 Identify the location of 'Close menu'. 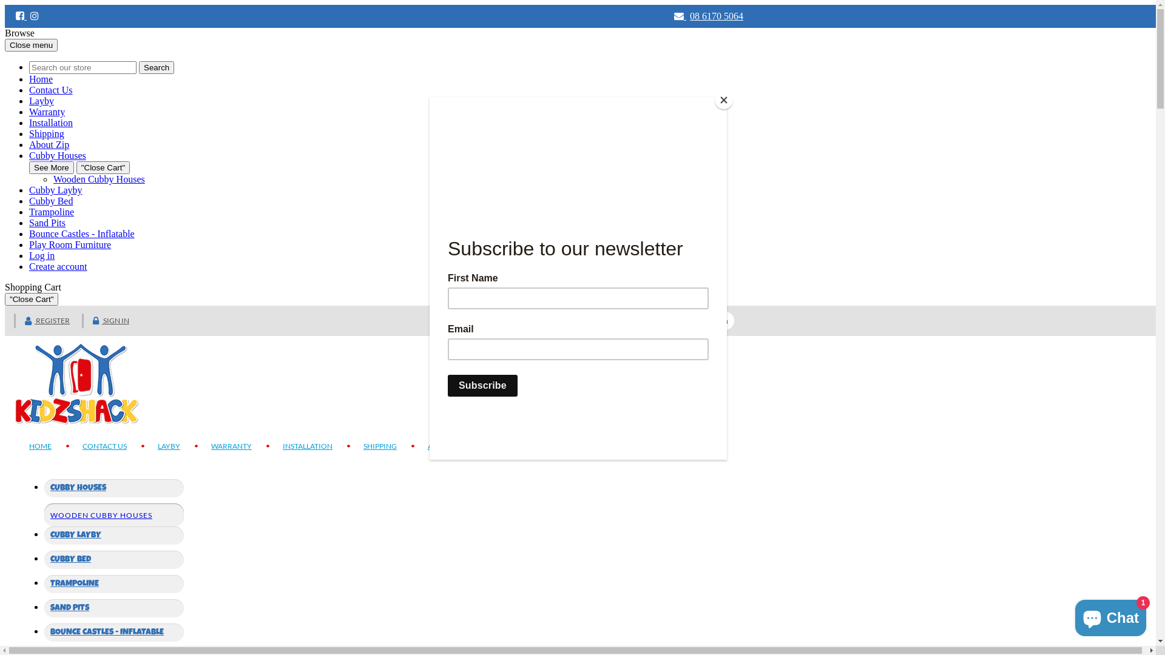
(5, 44).